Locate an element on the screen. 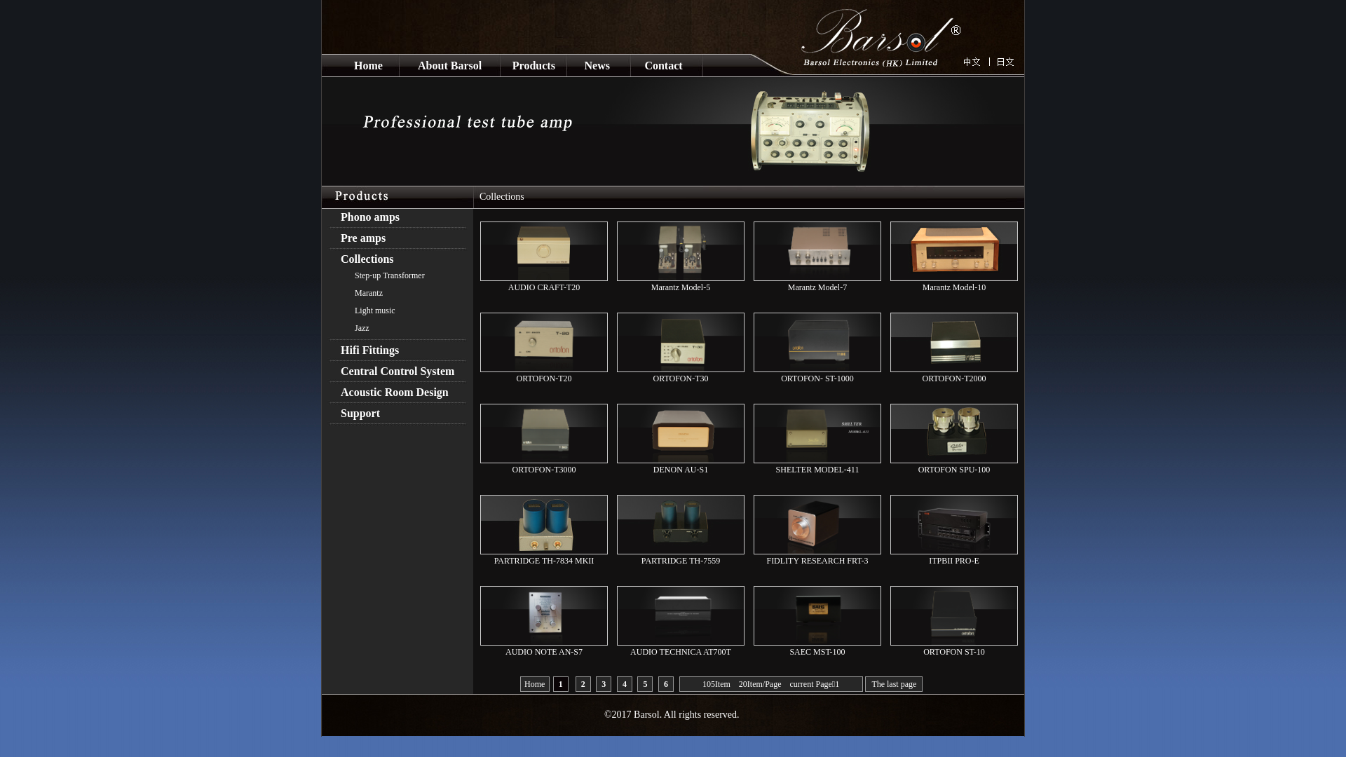 The height and width of the screenshot is (757, 1346). 'News' is located at coordinates (596, 64).